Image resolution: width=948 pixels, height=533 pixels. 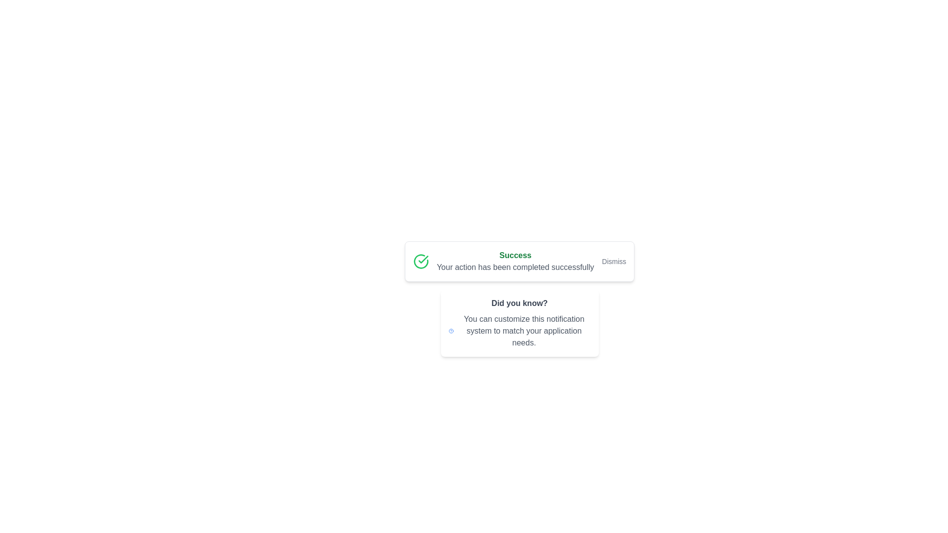 I want to click on the leftmost icon that serves as a visual indicator for the notification system settings, so click(x=450, y=331).